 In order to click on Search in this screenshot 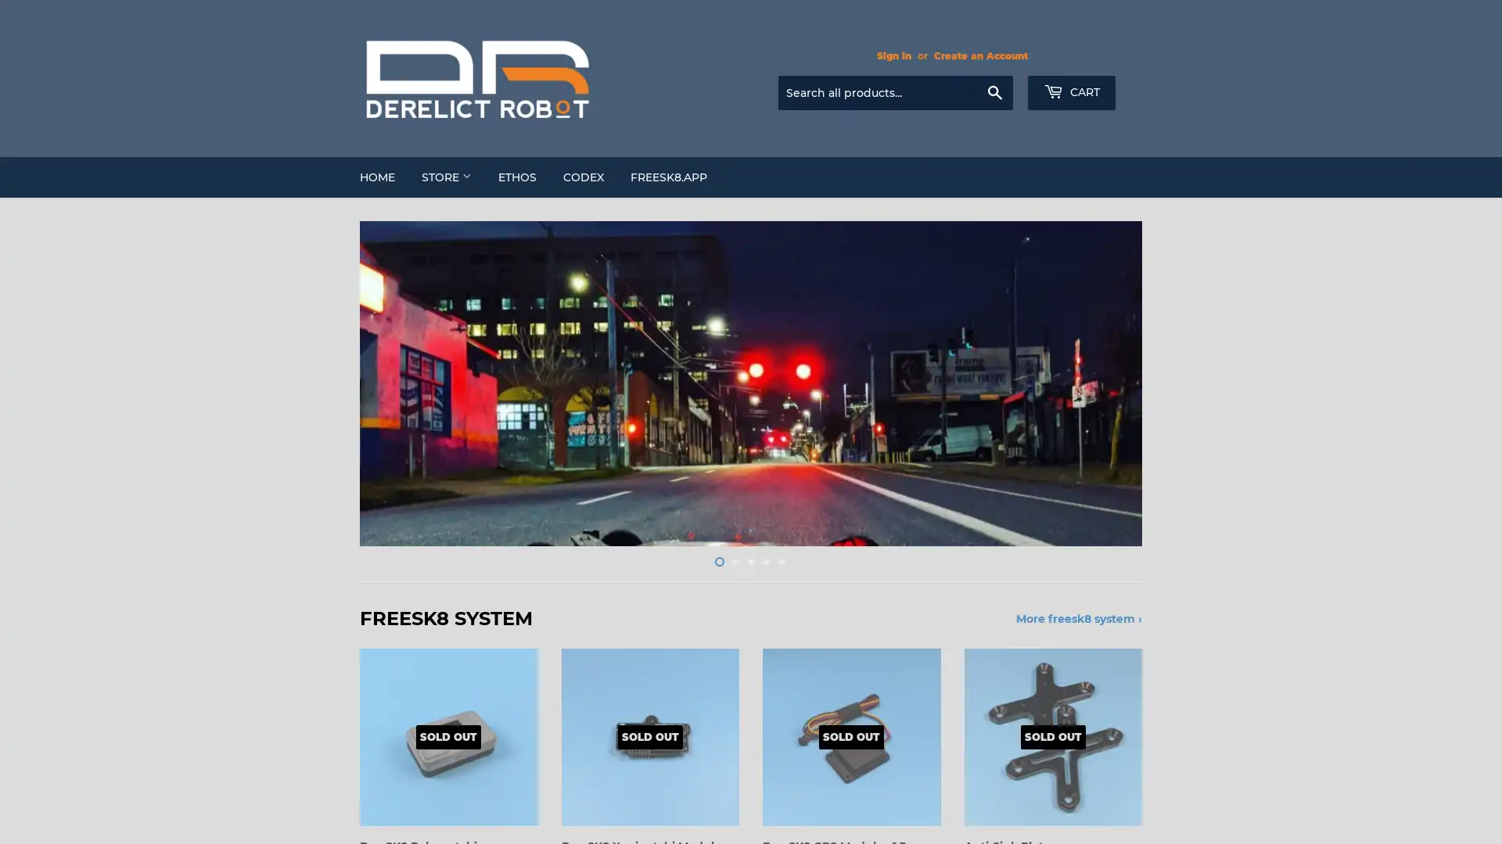, I will do `click(994, 93)`.